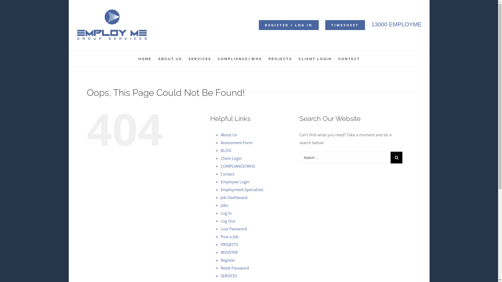 The width and height of the screenshot is (502, 282). I want to click on 'PROJECTS', so click(229, 244).